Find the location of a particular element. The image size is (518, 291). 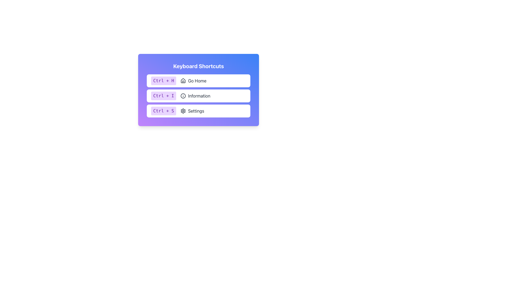

the 'Information' menu icon located to the left of the text 'Information' in the second row of options within the visible menu is located at coordinates (183, 95).